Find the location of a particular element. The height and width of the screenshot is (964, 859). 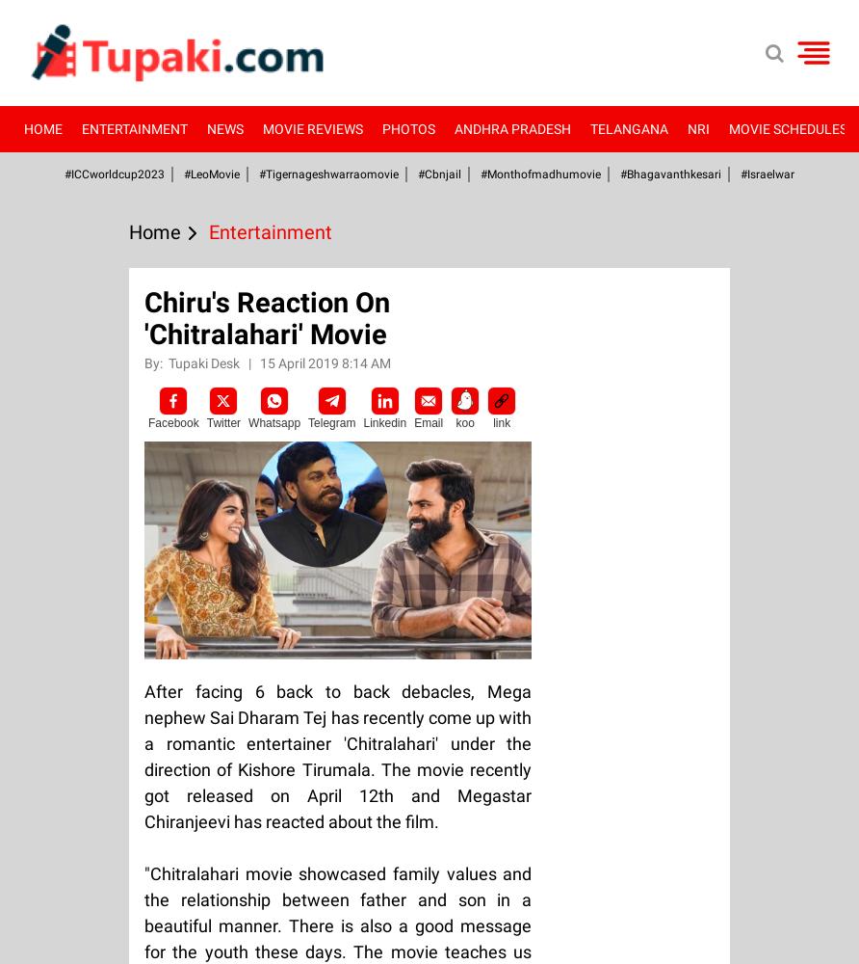

'Email' is located at coordinates (428, 422).